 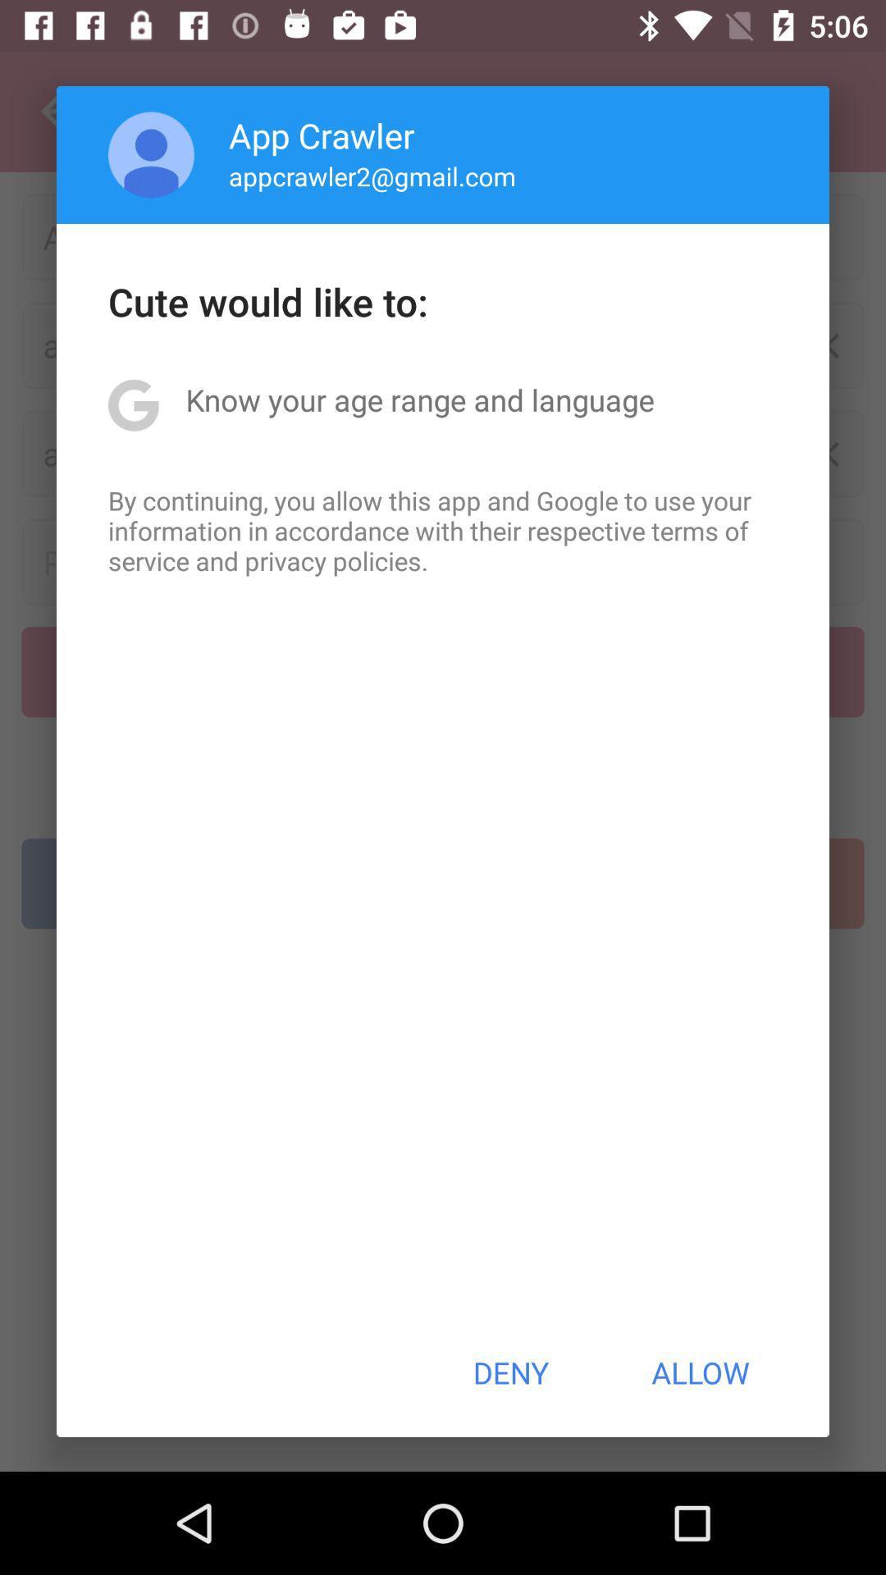 I want to click on deny at the bottom, so click(x=509, y=1372).